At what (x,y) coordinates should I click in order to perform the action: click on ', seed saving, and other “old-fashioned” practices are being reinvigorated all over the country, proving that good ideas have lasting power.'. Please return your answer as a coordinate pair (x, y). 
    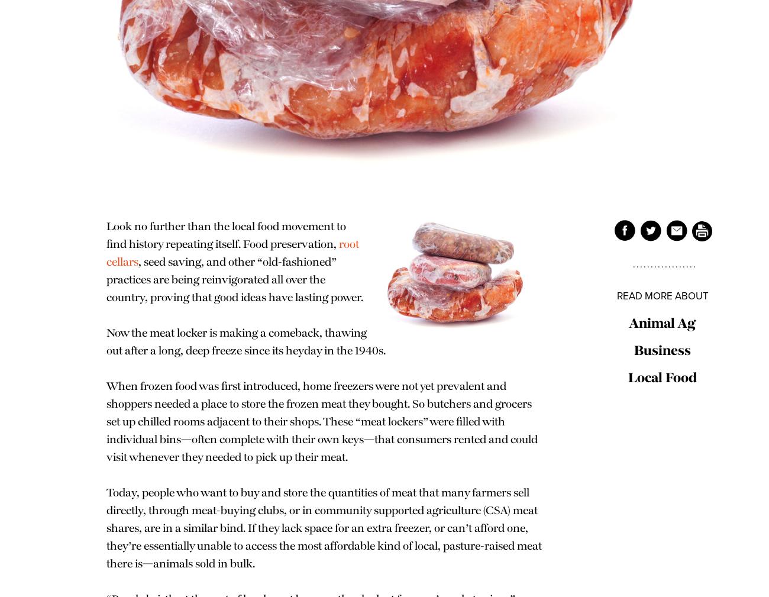
    Looking at the image, I should click on (235, 279).